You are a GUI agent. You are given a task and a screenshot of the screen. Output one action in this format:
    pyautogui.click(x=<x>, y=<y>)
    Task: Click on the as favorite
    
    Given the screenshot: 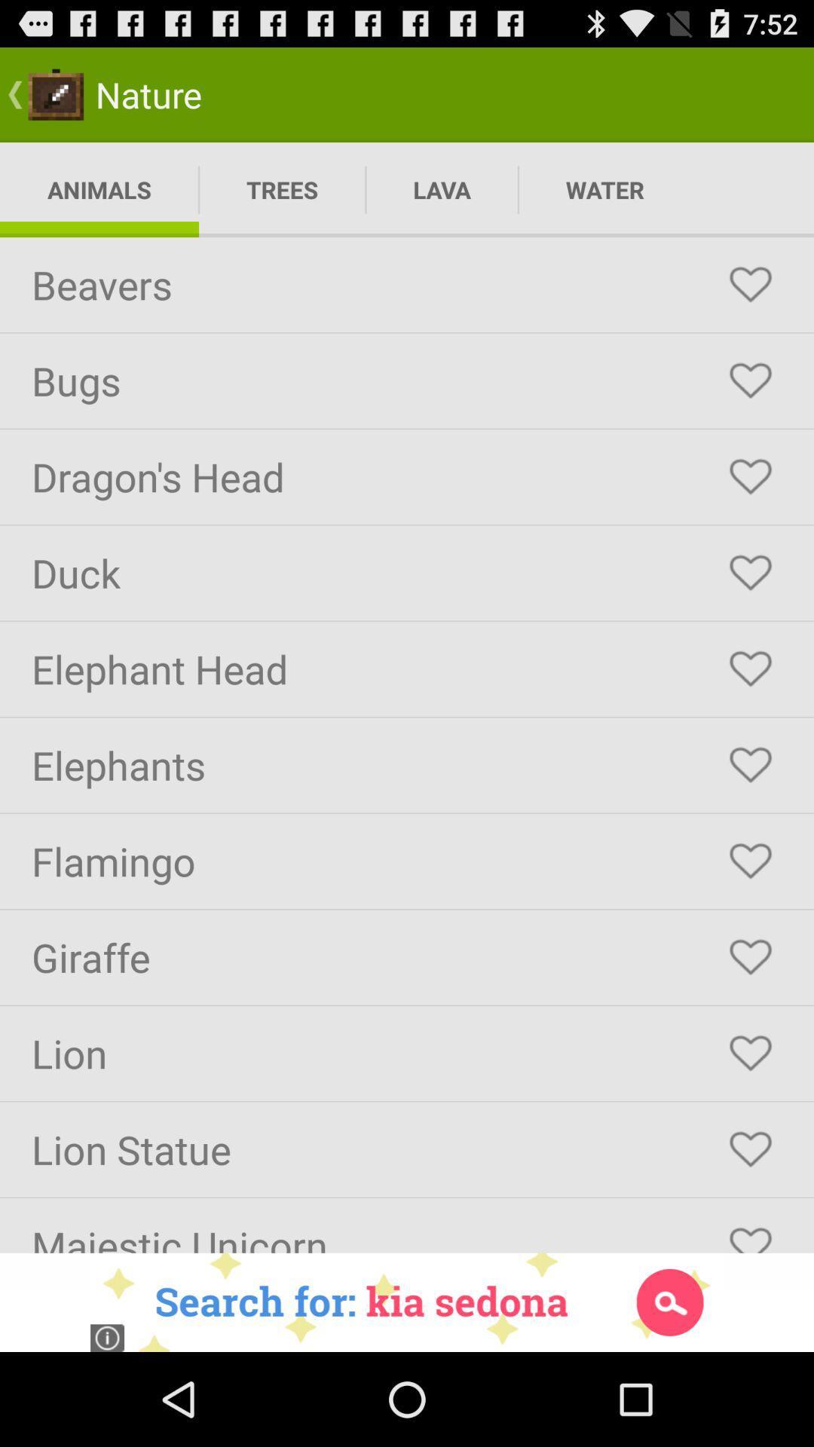 What is the action you would take?
    pyautogui.click(x=750, y=285)
    